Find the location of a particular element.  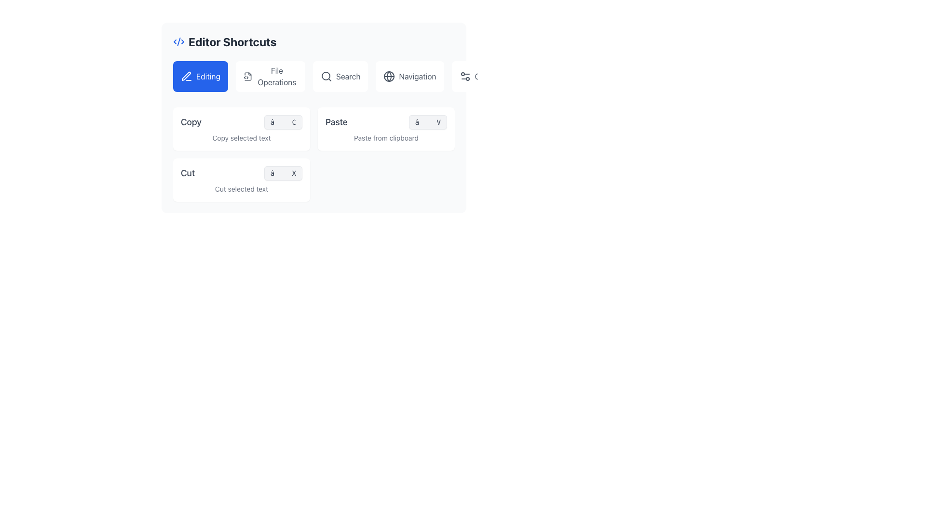

the navigational button located as the fourth item in the horizontal list of options below the 'Editor Shortcuts' heading is located at coordinates (409, 76).